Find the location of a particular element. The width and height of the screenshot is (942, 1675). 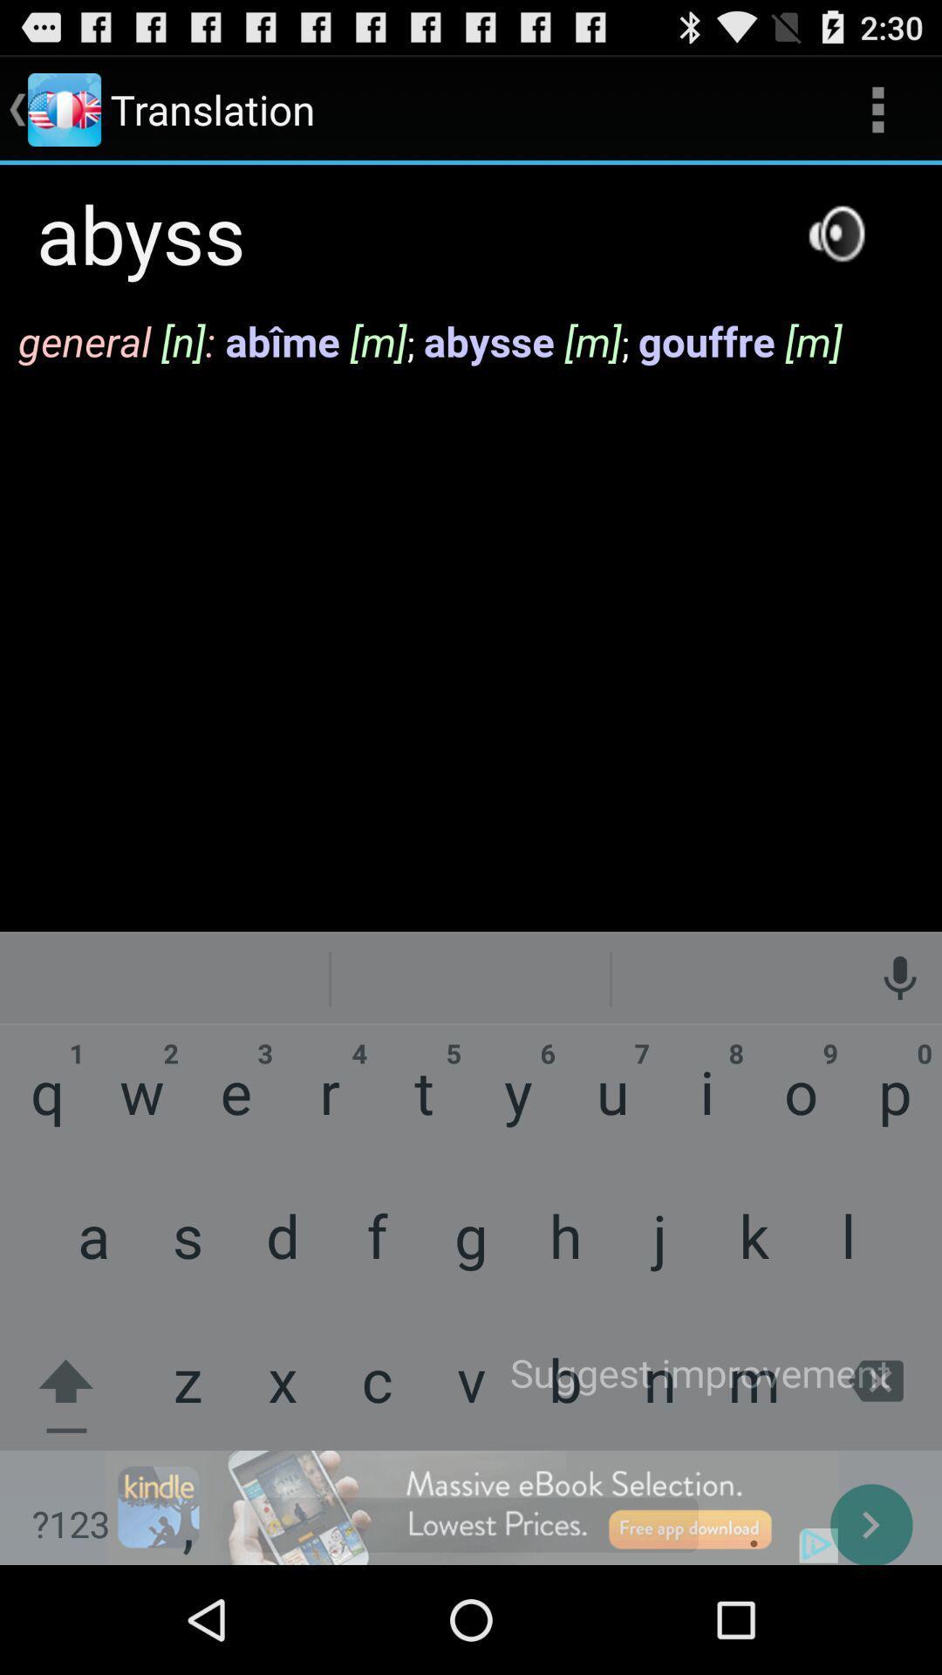

the volume icon is located at coordinates (836, 249).